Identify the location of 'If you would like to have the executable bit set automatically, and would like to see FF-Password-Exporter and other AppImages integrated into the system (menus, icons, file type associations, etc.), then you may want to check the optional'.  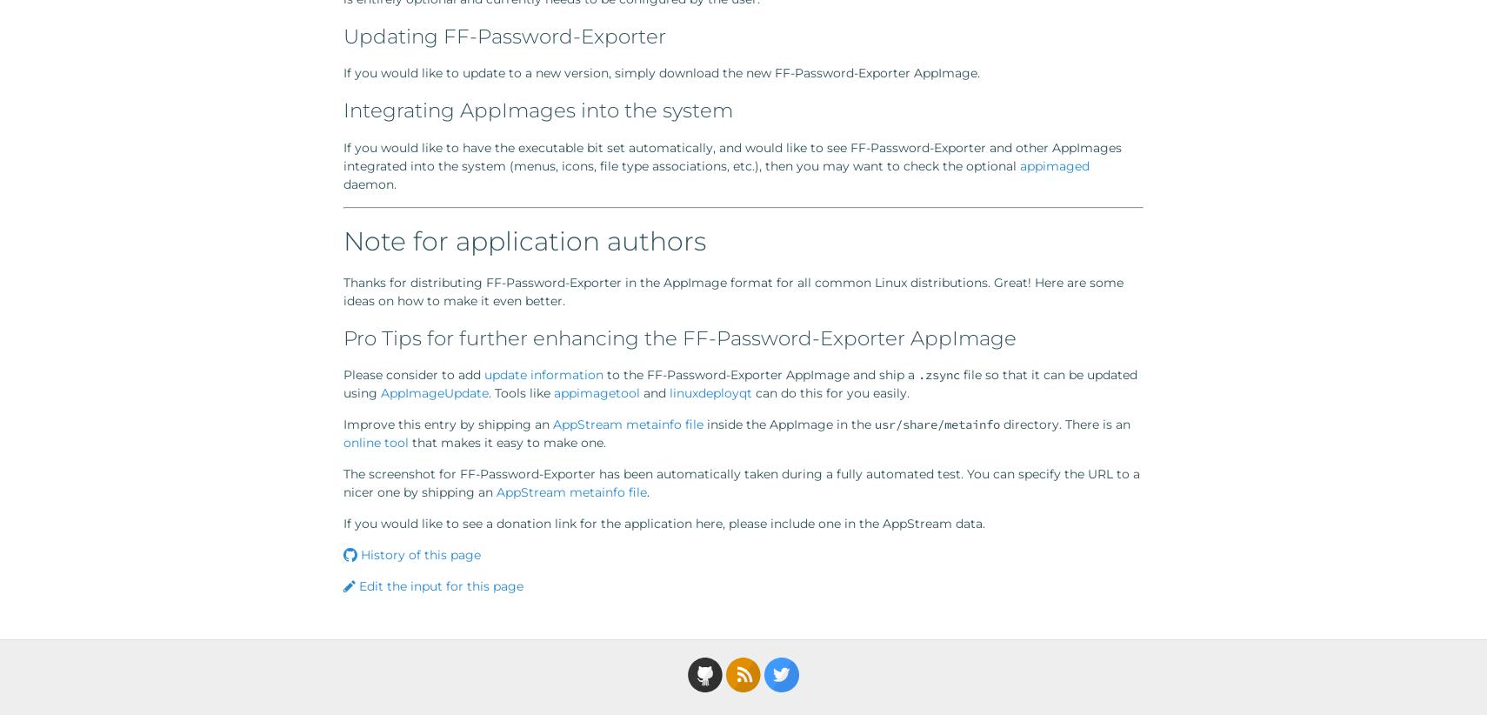
(732, 155).